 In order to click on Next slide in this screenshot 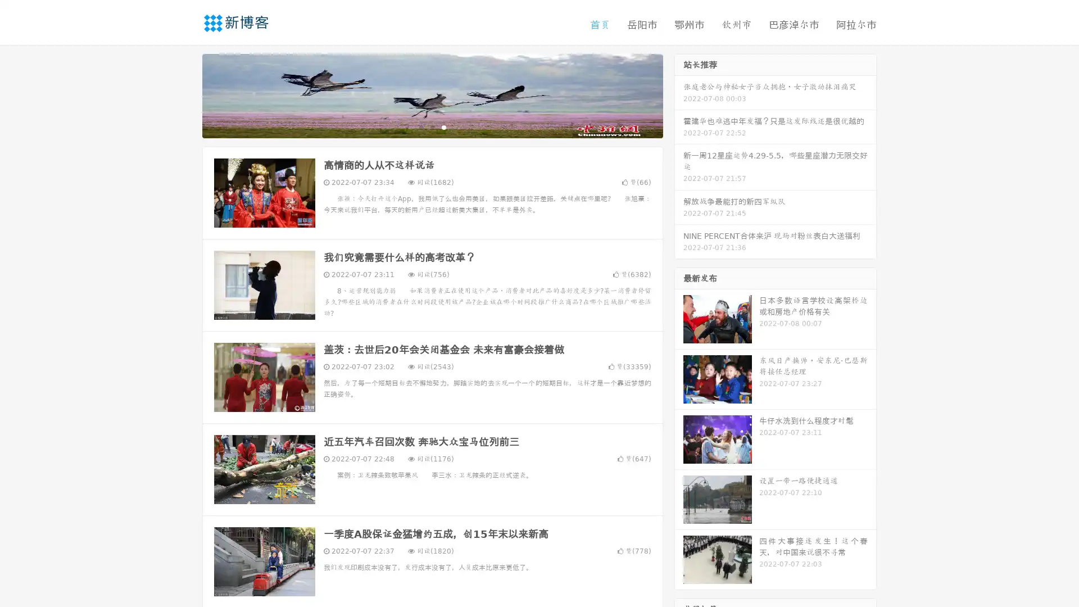, I will do `click(679, 94)`.